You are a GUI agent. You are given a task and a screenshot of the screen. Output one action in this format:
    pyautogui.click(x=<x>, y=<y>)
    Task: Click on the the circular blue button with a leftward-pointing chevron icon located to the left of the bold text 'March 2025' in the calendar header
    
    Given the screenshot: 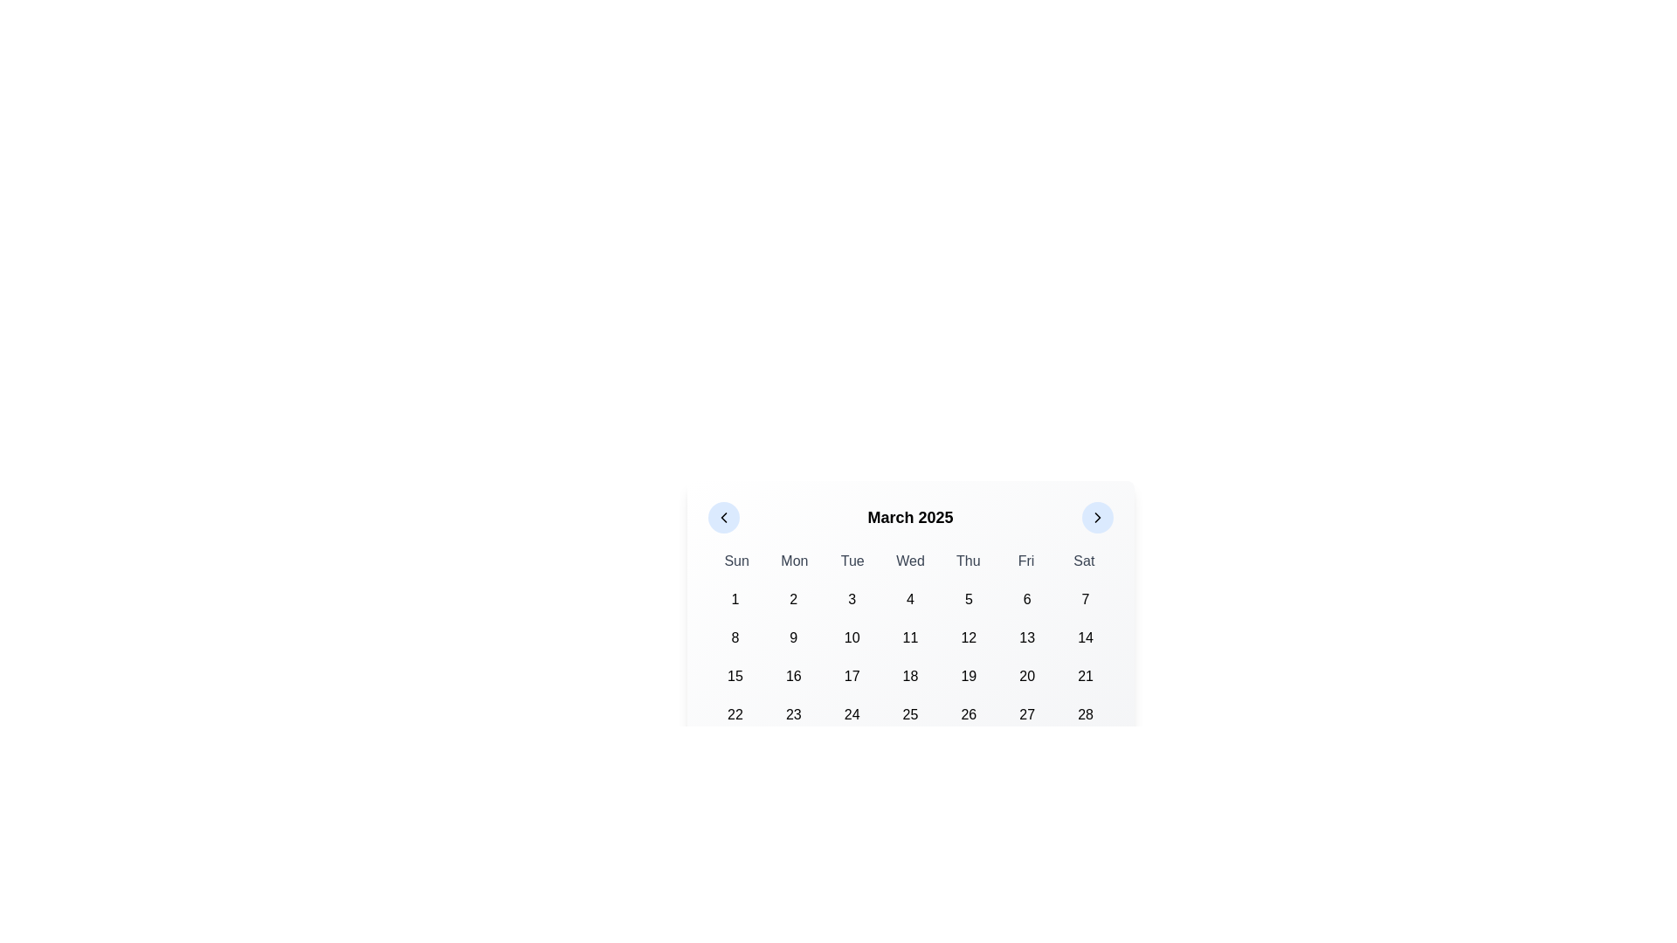 What is the action you would take?
    pyautogui.click(x=723, y=517)
    